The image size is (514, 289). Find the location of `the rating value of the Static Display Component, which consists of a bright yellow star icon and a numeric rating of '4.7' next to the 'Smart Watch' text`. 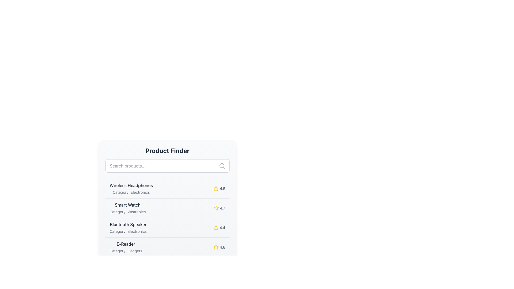

the rating value of the Static Display Component, which consists of a bright yellow star icon and a numeric rating of '4.7' next to the 'Smart Watch' text is located at coordinates (219, 208).